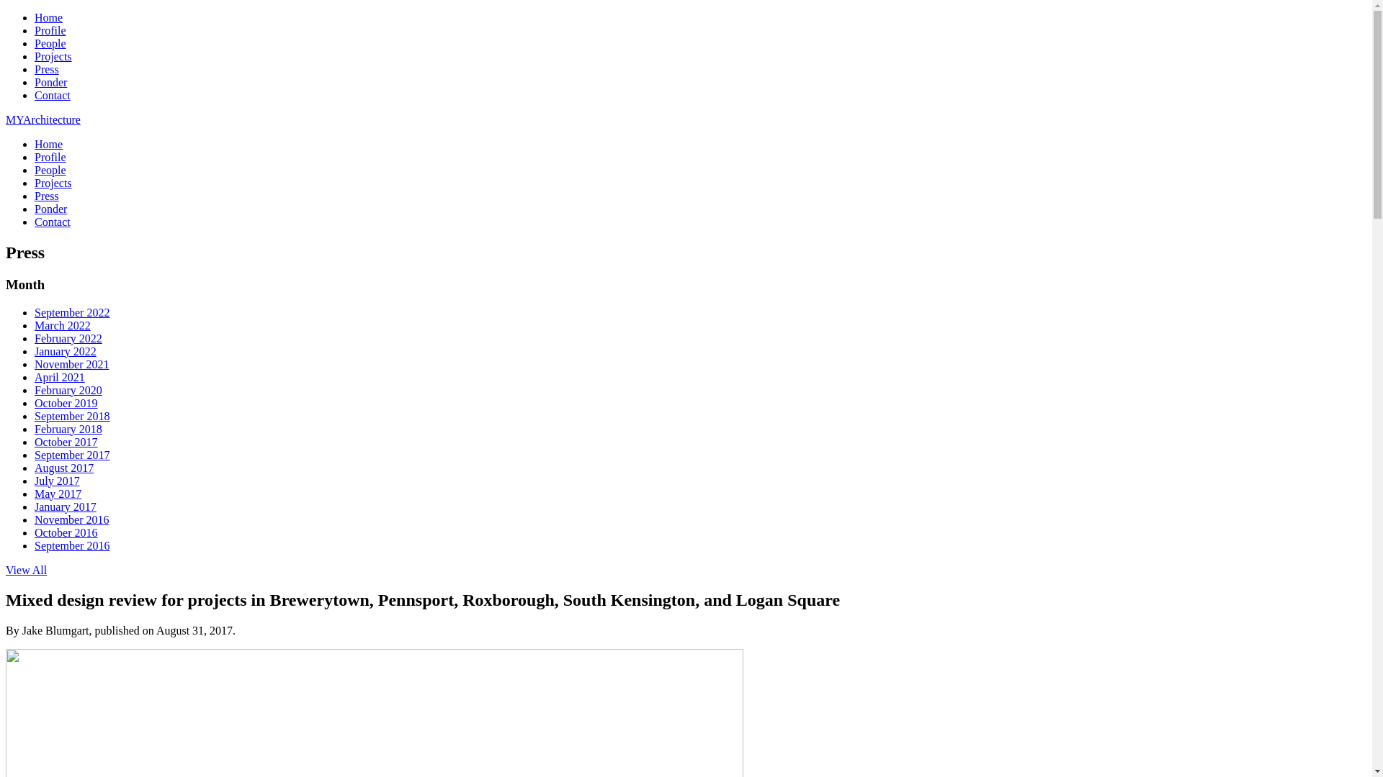 Image resolution: width=1383 pixels, height=777 pixels. I want to click on 'Profile', so click(50, 157).